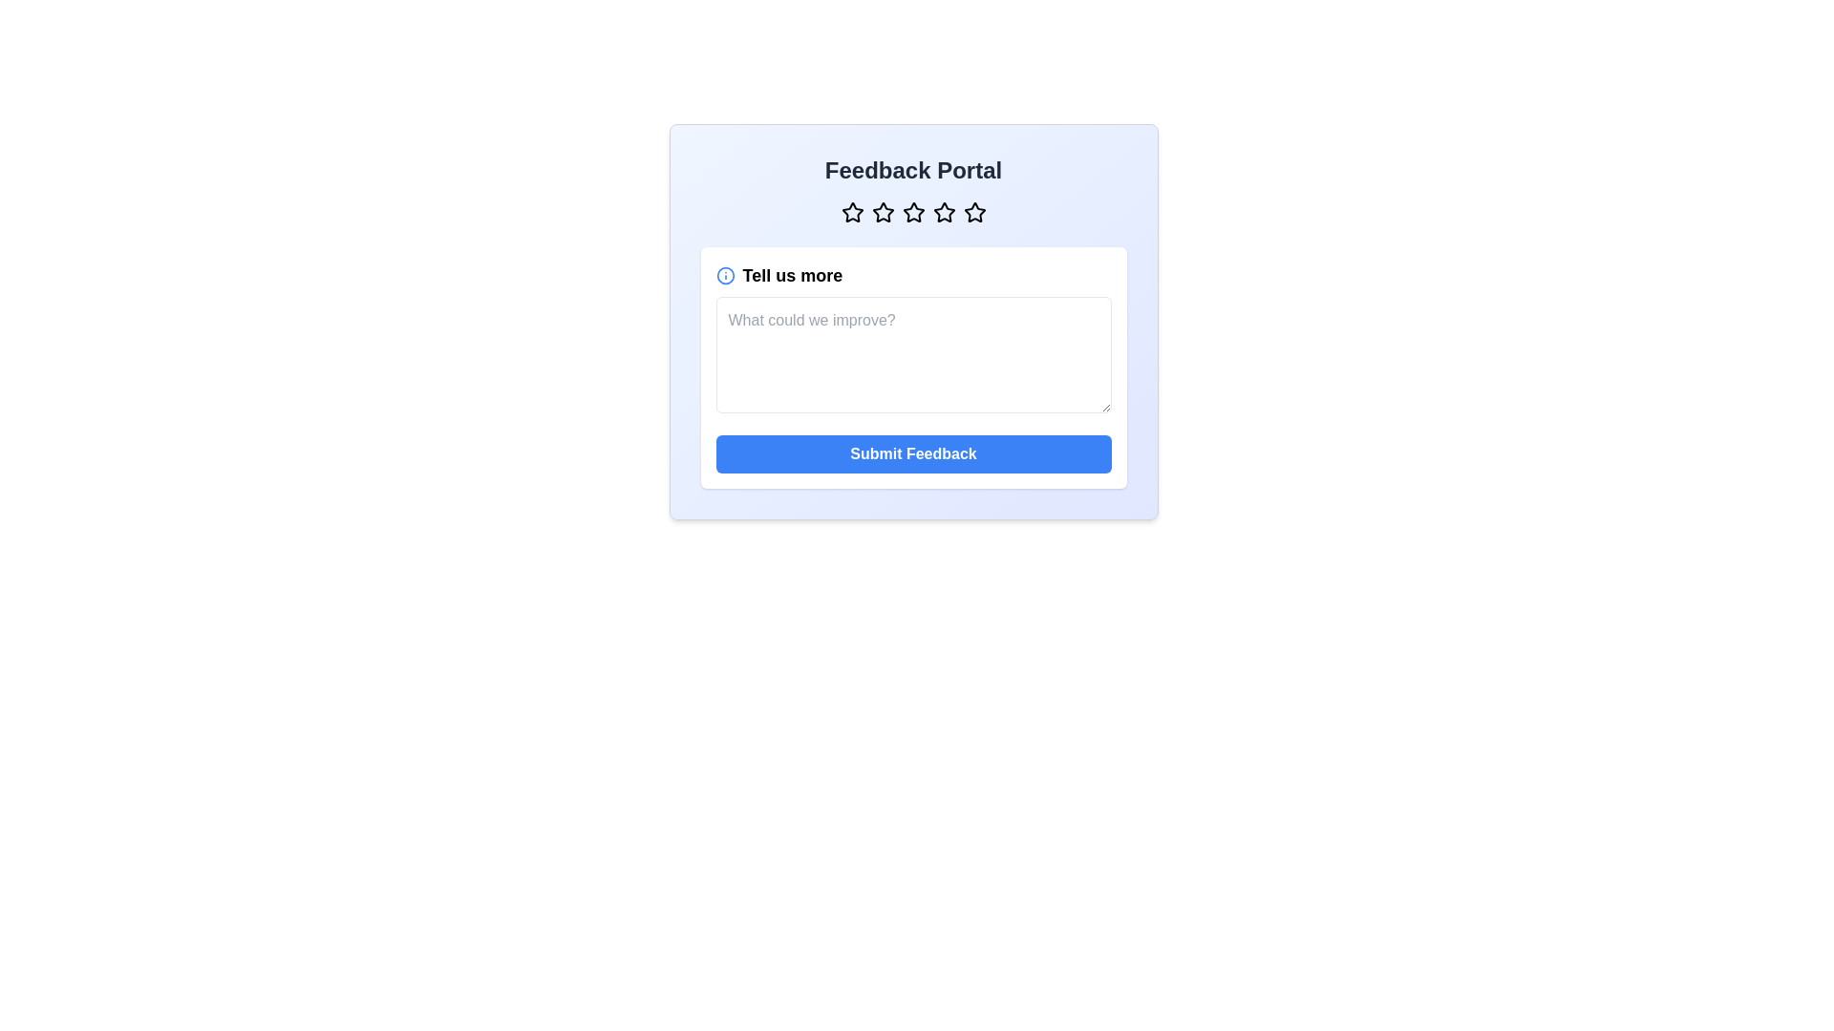 The width and height of the screenshot is (1834, 1031). What do you see at coordinates (944, 213) in the screenshot?
I see `the fourth Rating star icon in the Feedback Portal dialog box` at bounding box center [944, 213].